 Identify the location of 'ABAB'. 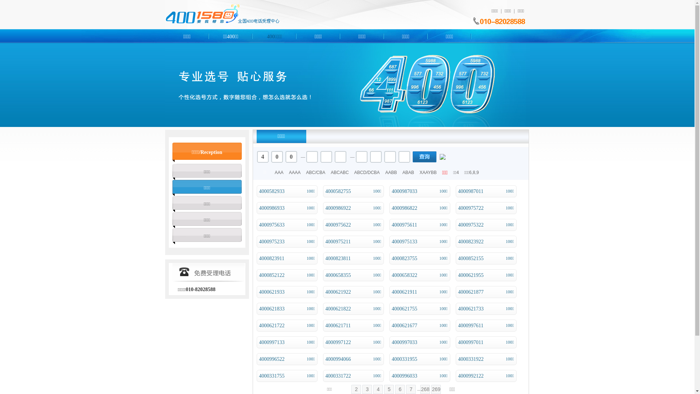
(408, 173).